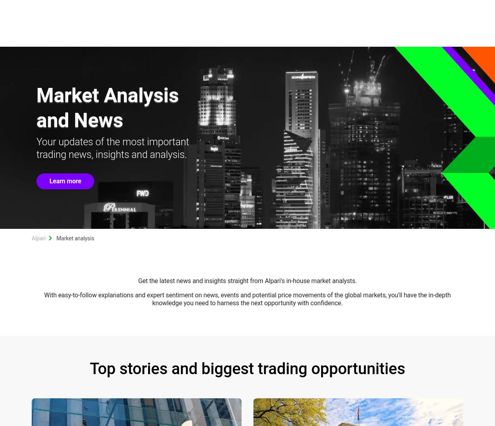  Describe the element at coordinates (445, 8) in the screenshot. I see `'LOGIN'` at that location.